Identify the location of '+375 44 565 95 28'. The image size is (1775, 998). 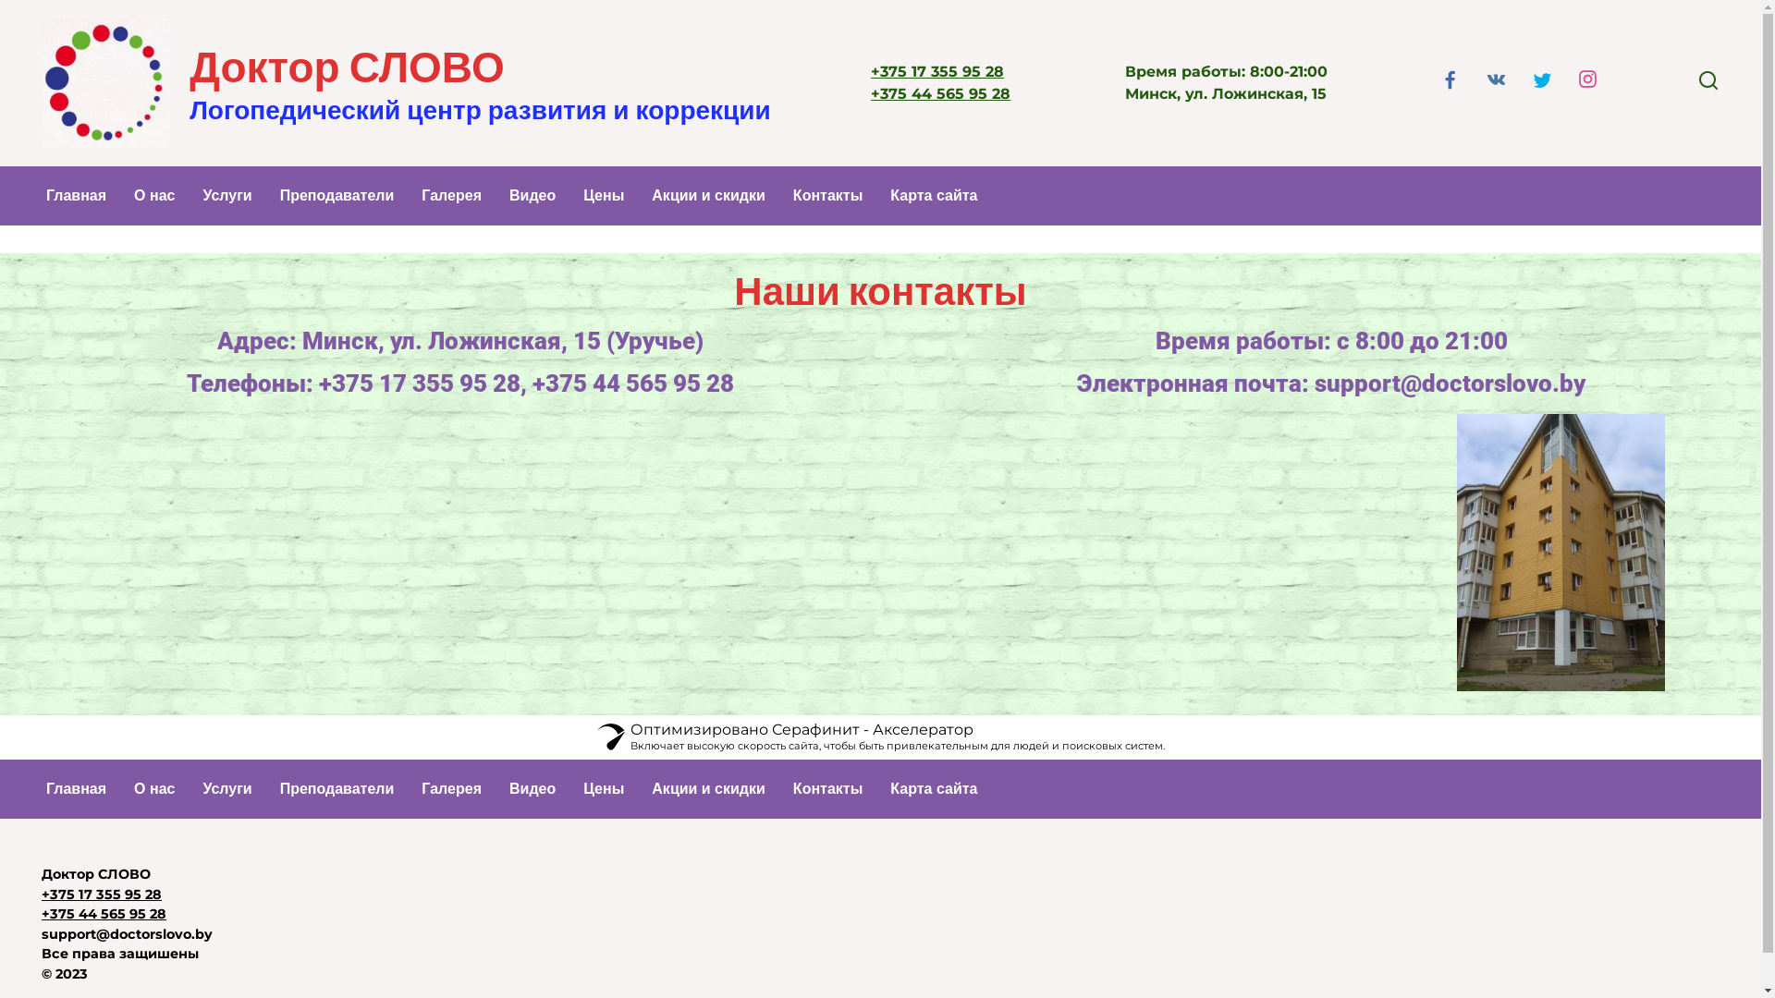
(103, 912).